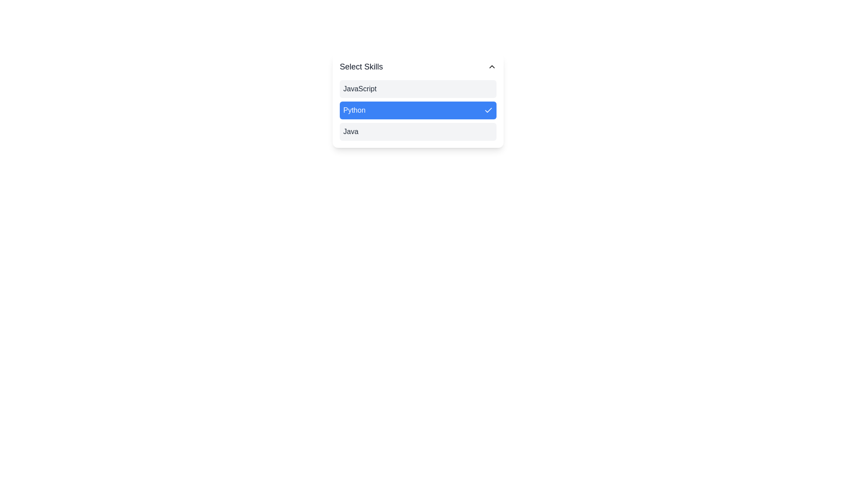 The height and width of the screenshot is (481, 855). What do you see at coordinates (418, 110) in the screenshot?
I see `the skill Python` at bounding box center [418, 110].